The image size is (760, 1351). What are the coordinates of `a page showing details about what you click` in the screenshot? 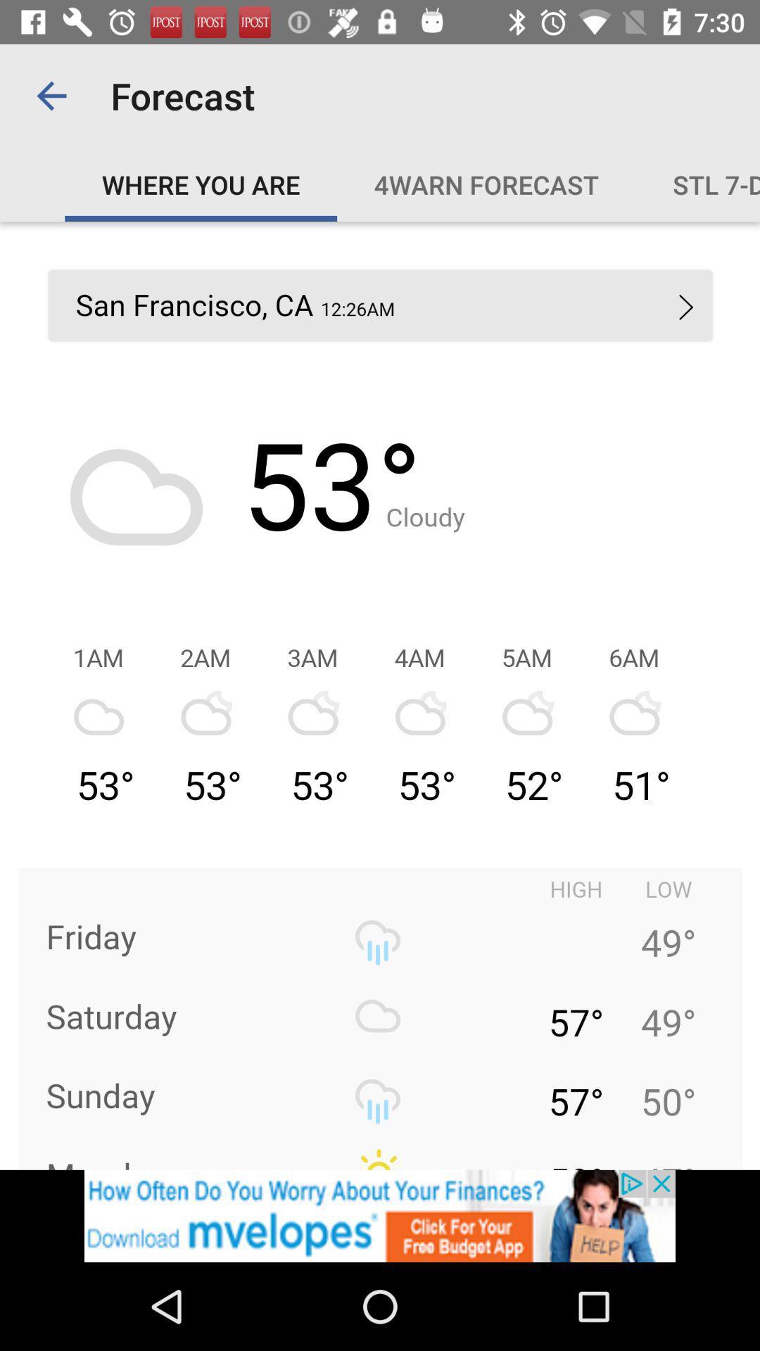 It's located at (380, 695).